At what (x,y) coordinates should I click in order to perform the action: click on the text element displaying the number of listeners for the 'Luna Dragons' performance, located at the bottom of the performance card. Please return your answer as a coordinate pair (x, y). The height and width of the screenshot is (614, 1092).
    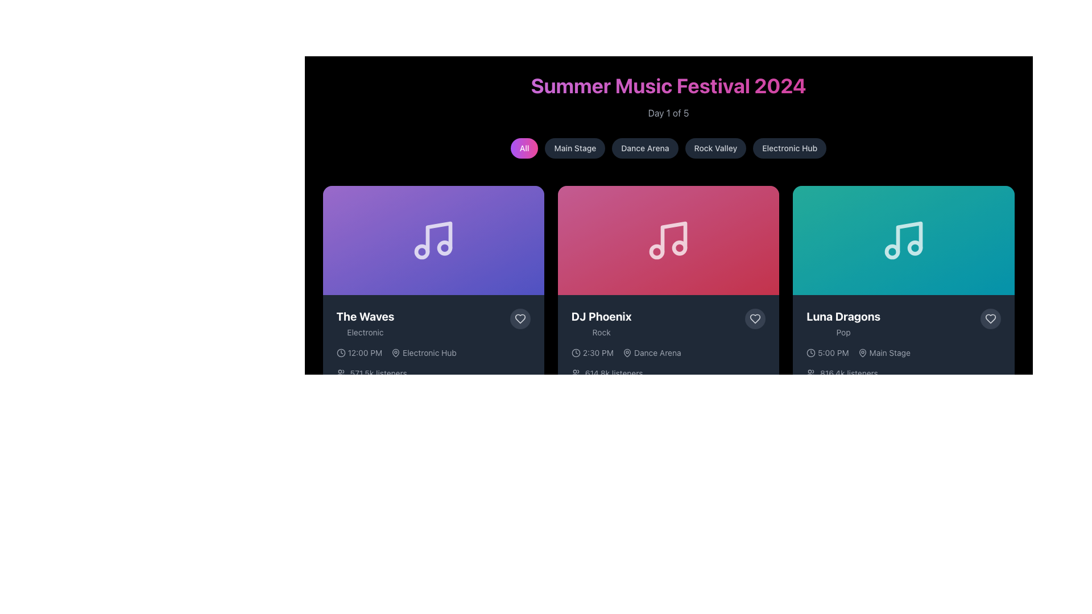
    Looking at the image, I should click on (903, 373).